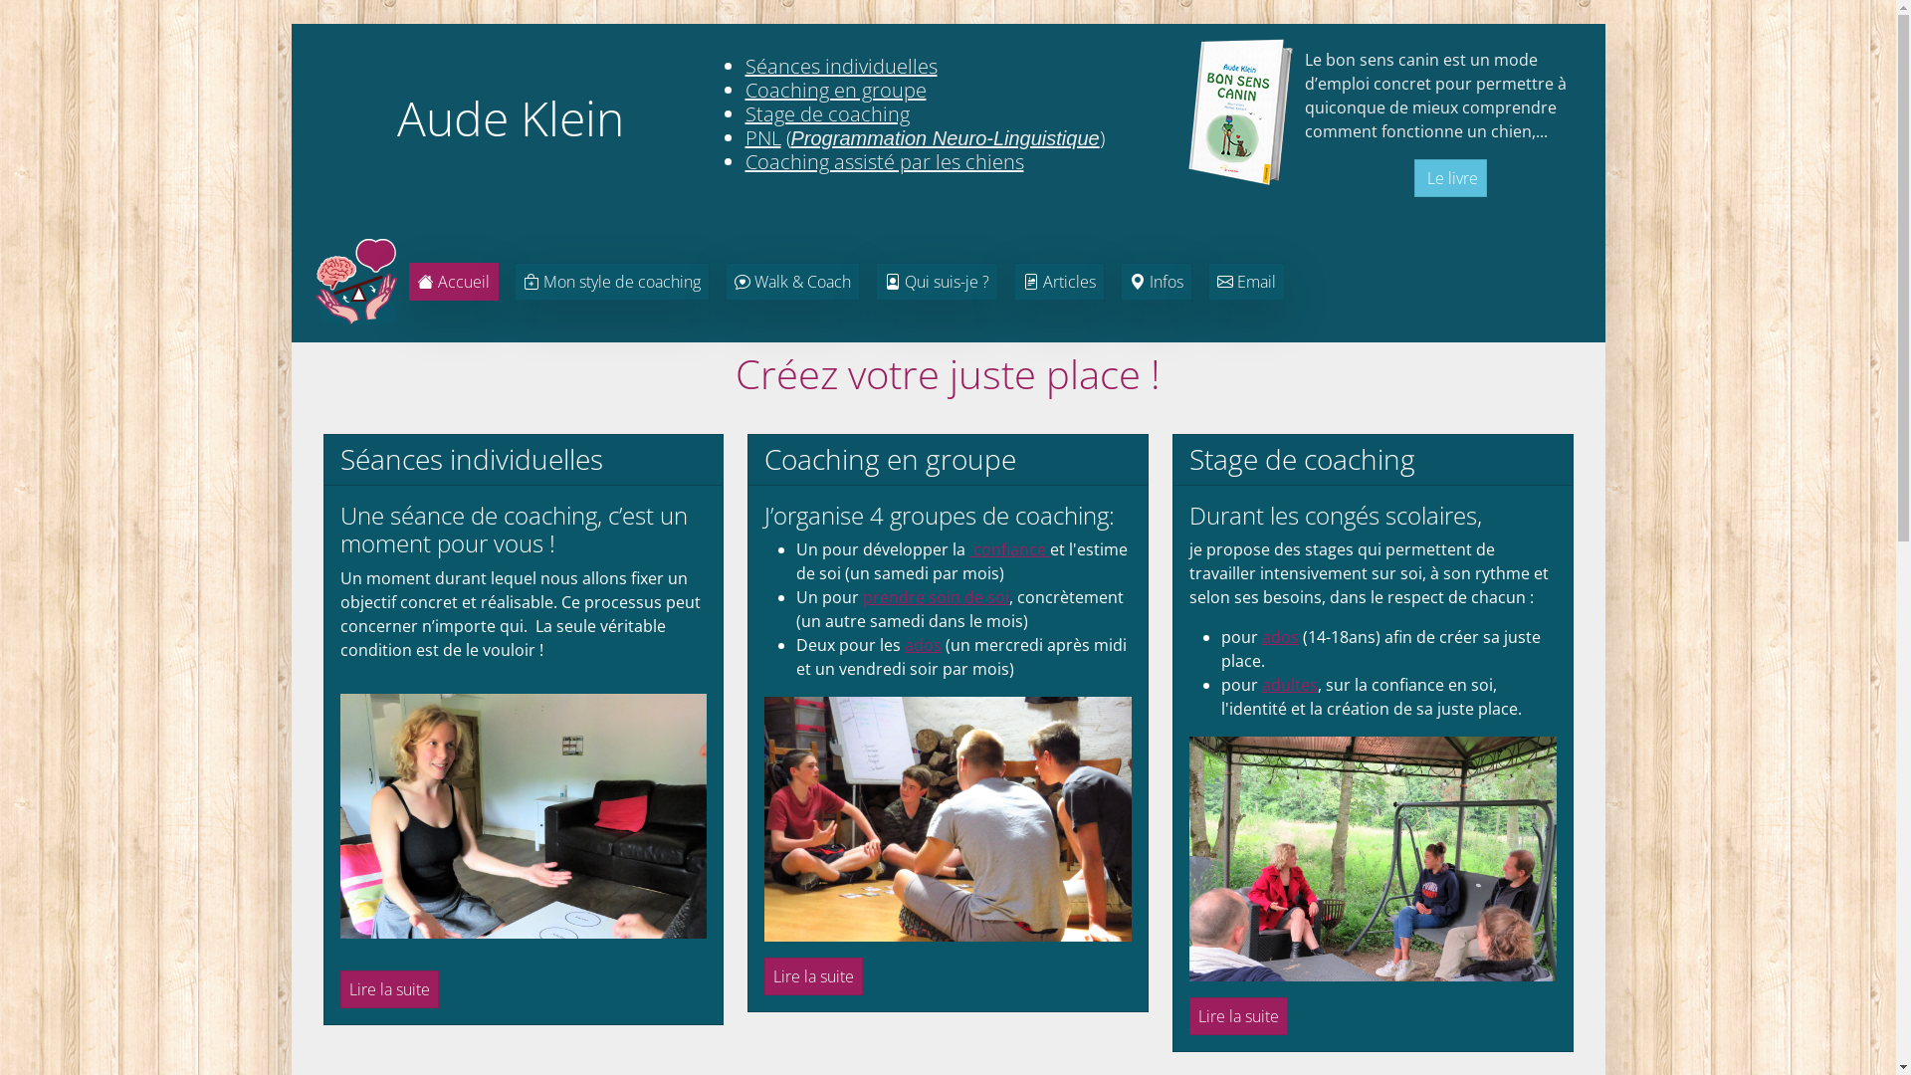 This screenshot has height=1075, width=1911. Describe the element at coordinates (452, 281) in the screenshot. I see `'Accueil'` at that location.